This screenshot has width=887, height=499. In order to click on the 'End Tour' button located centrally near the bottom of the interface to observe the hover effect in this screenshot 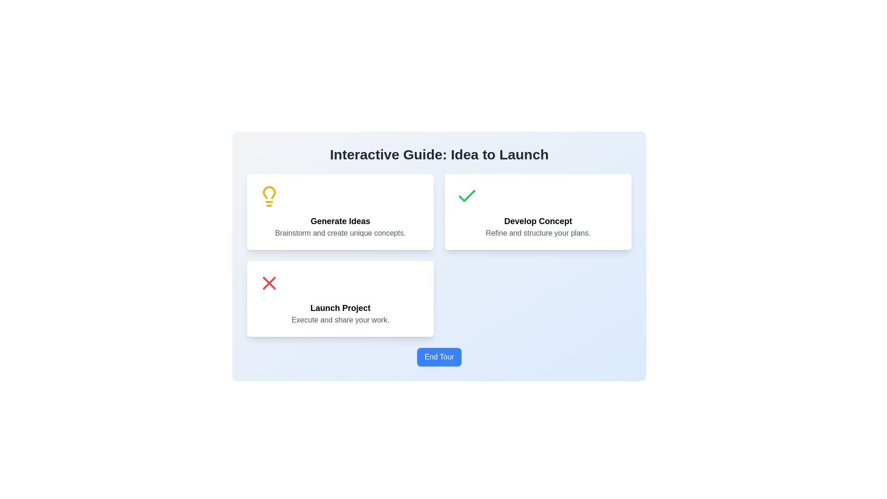, I will do `click(438, 356)`.